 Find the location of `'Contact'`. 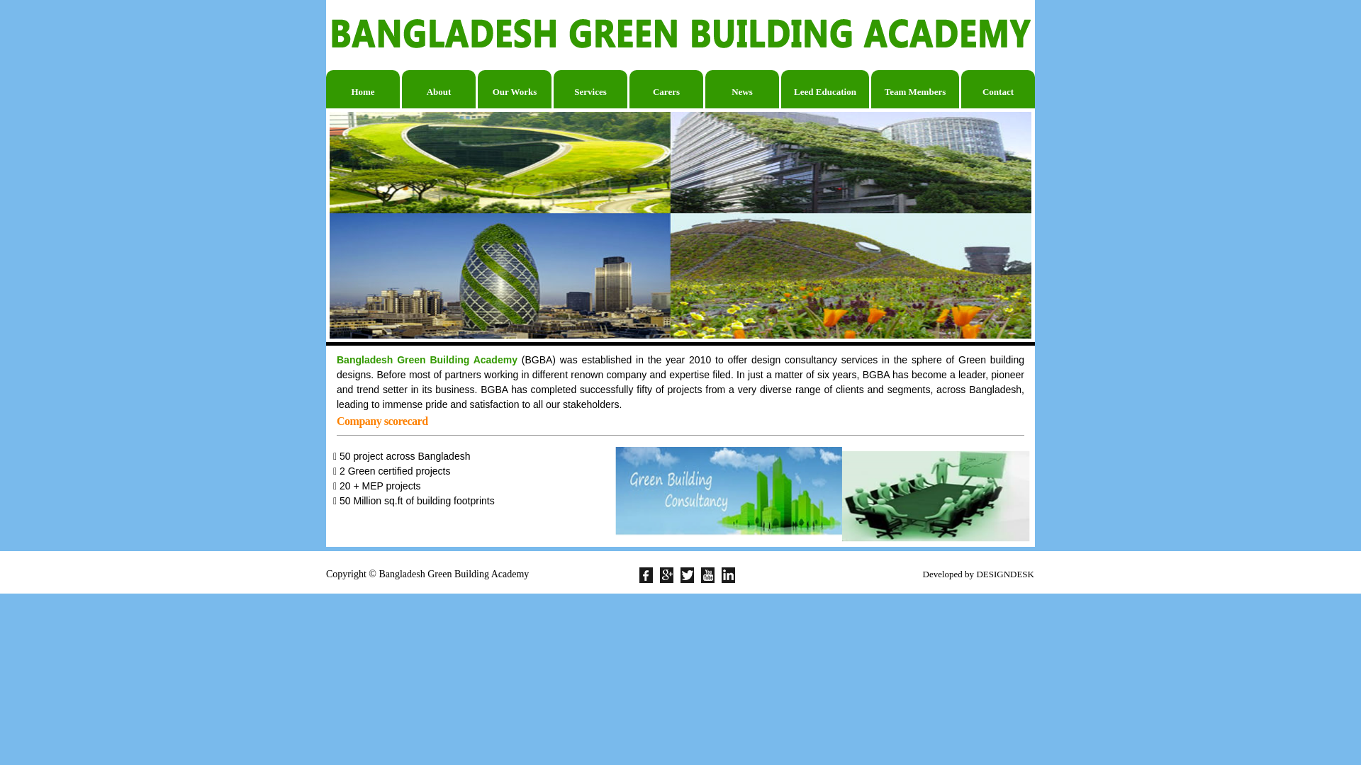

'Contact' is located at coordinates (997, 89).